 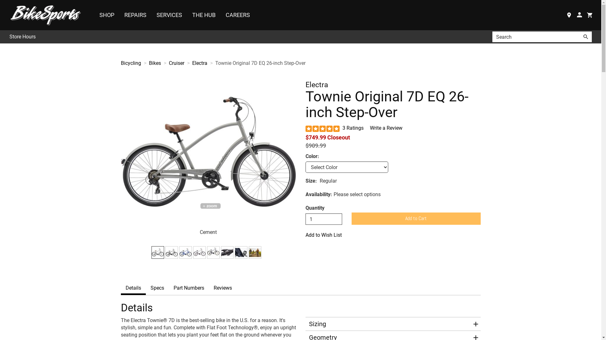 I want to click on 'Store Hours', so click(x=9, y=37).